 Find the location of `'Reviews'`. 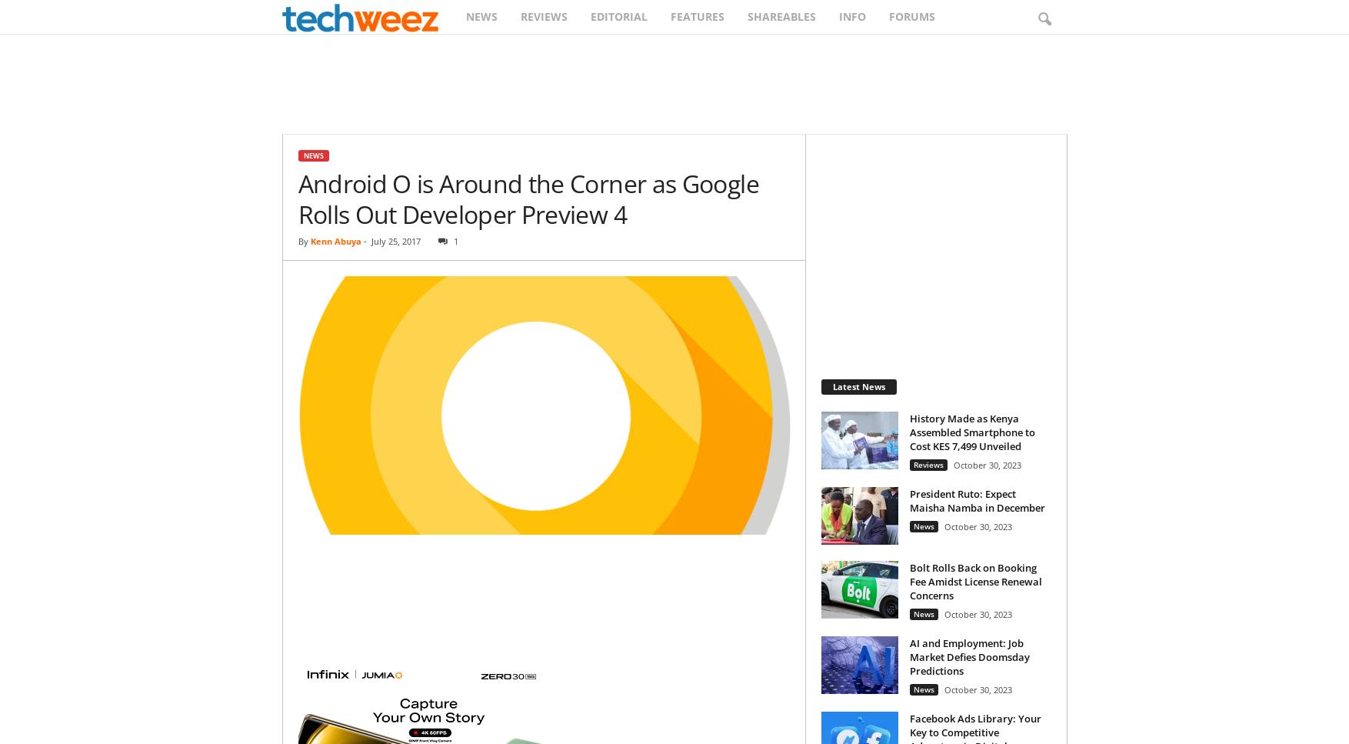

'Reviews' is located at coordinates (927, 464).